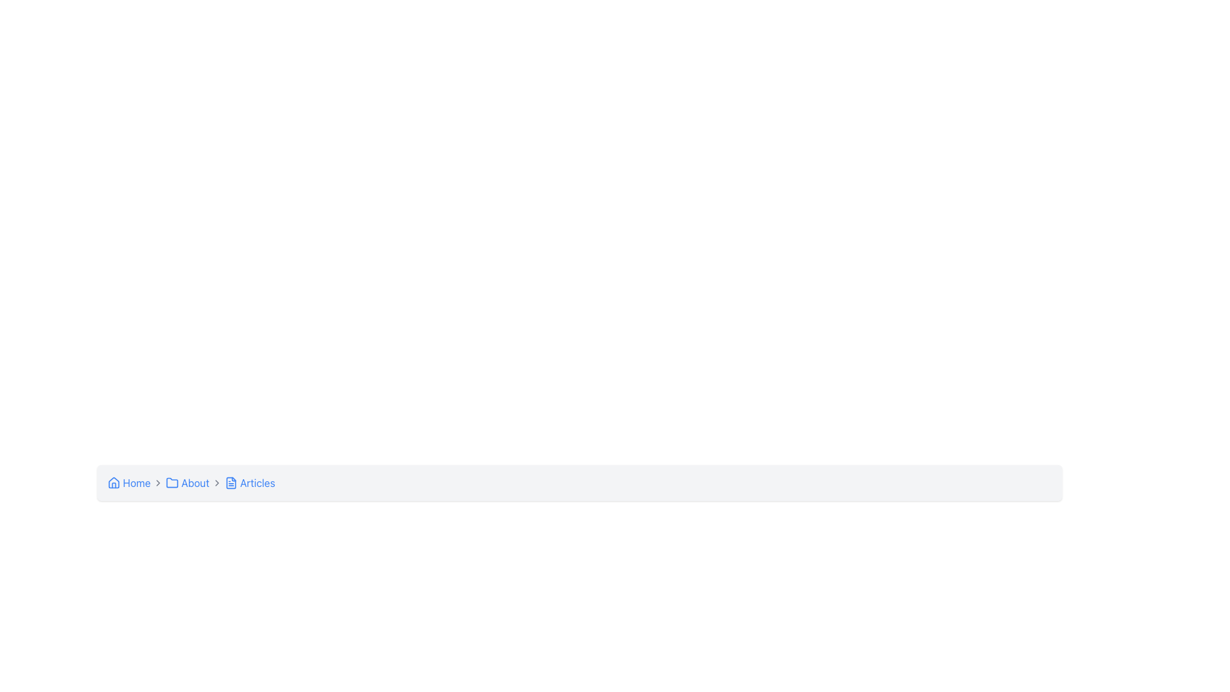  What do you see at coordinates (129, 482) in the screenshot?
I see `the first interactive item` at bounding box center [129, 482].